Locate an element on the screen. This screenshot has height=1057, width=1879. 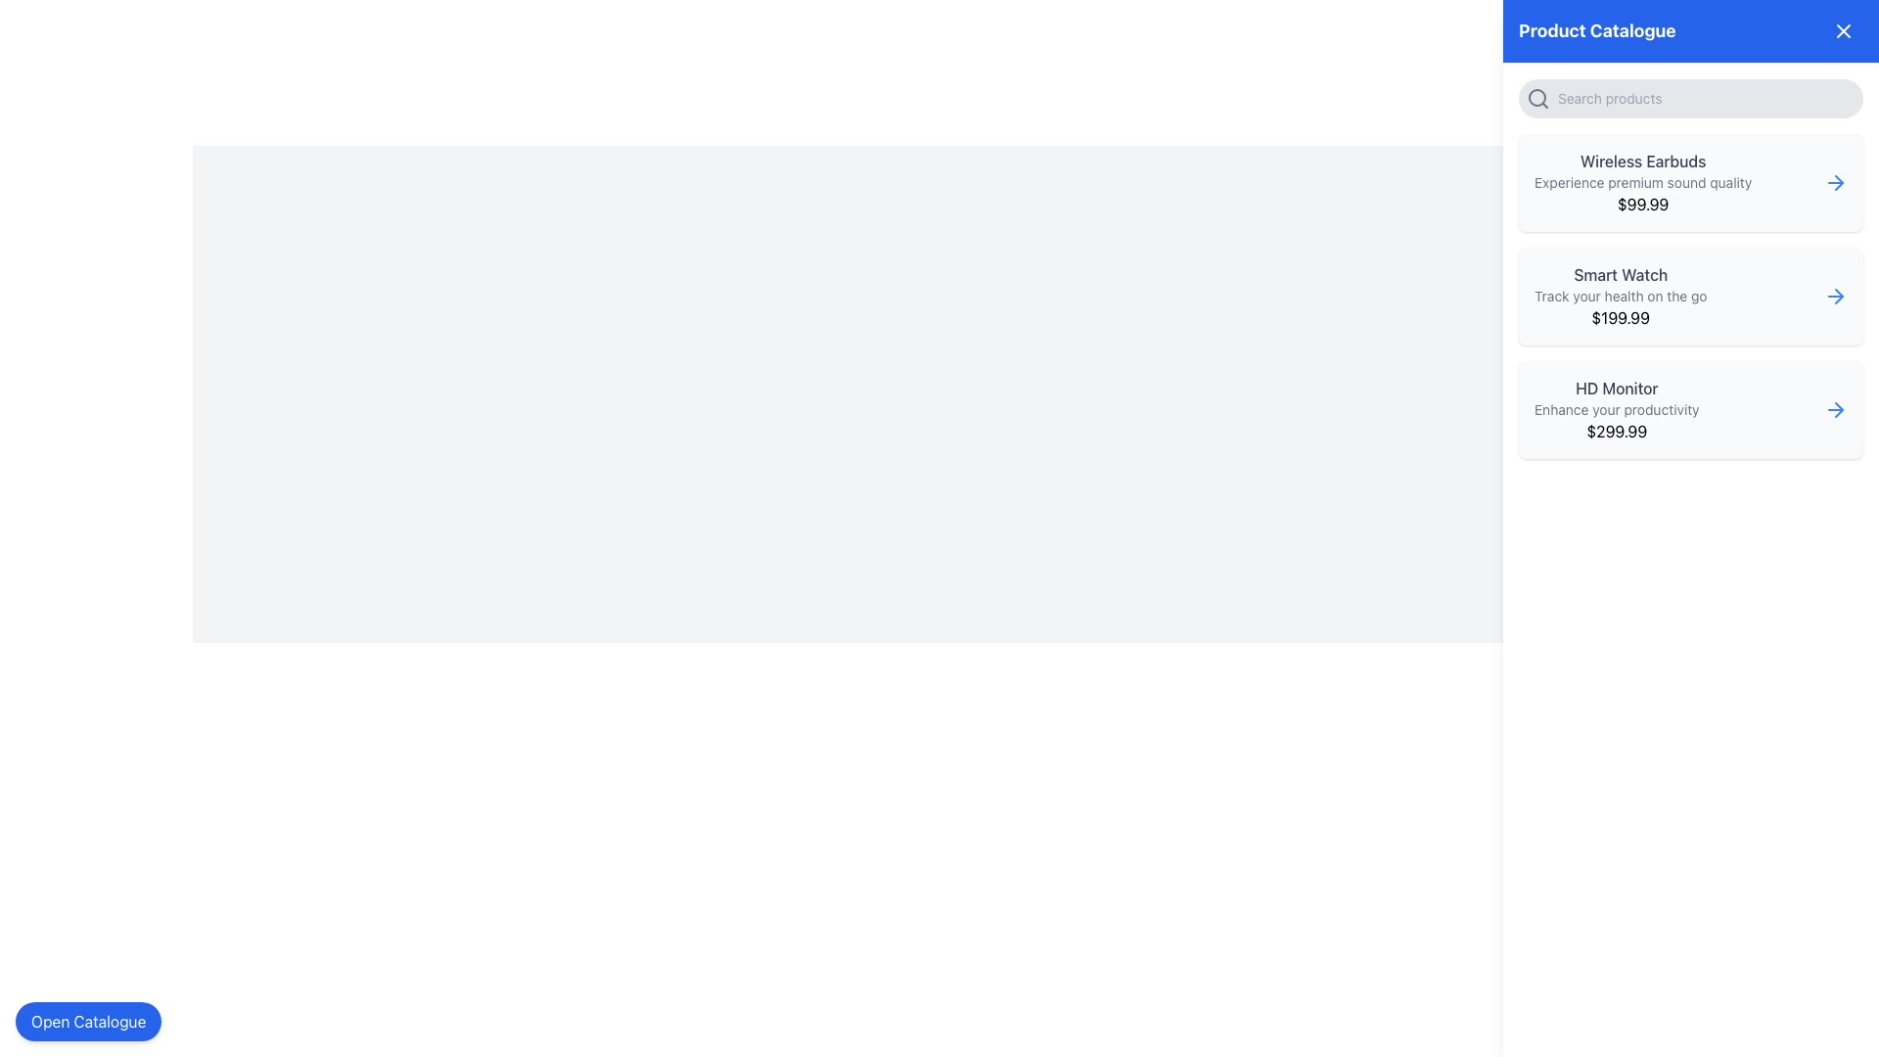
the right-facing chevron arrow icon in the 'Product Catalogue' section for 'Wireless Earbuds' is located at coordinates (1838, 182).